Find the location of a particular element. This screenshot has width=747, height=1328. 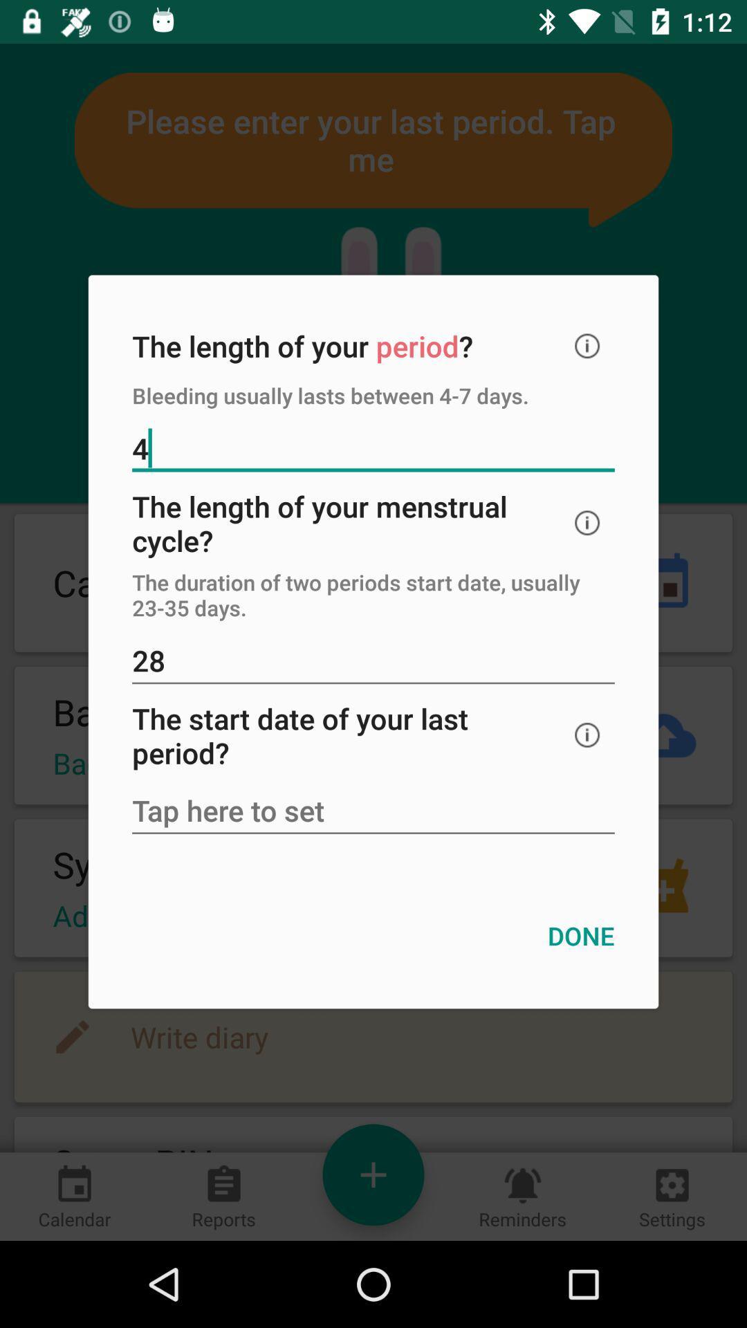

item above bleeding usually lasts item is located at coordinates (587, 346).